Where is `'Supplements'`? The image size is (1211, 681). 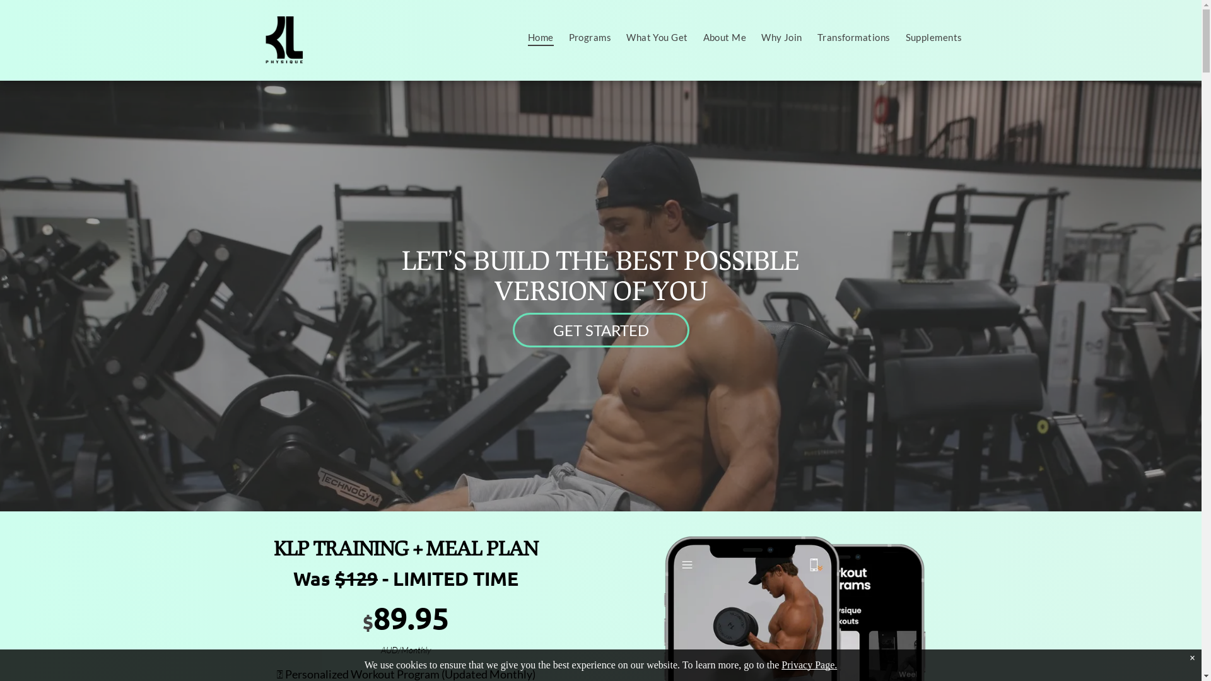 'Supplements' is located at coordinates (898, 36).